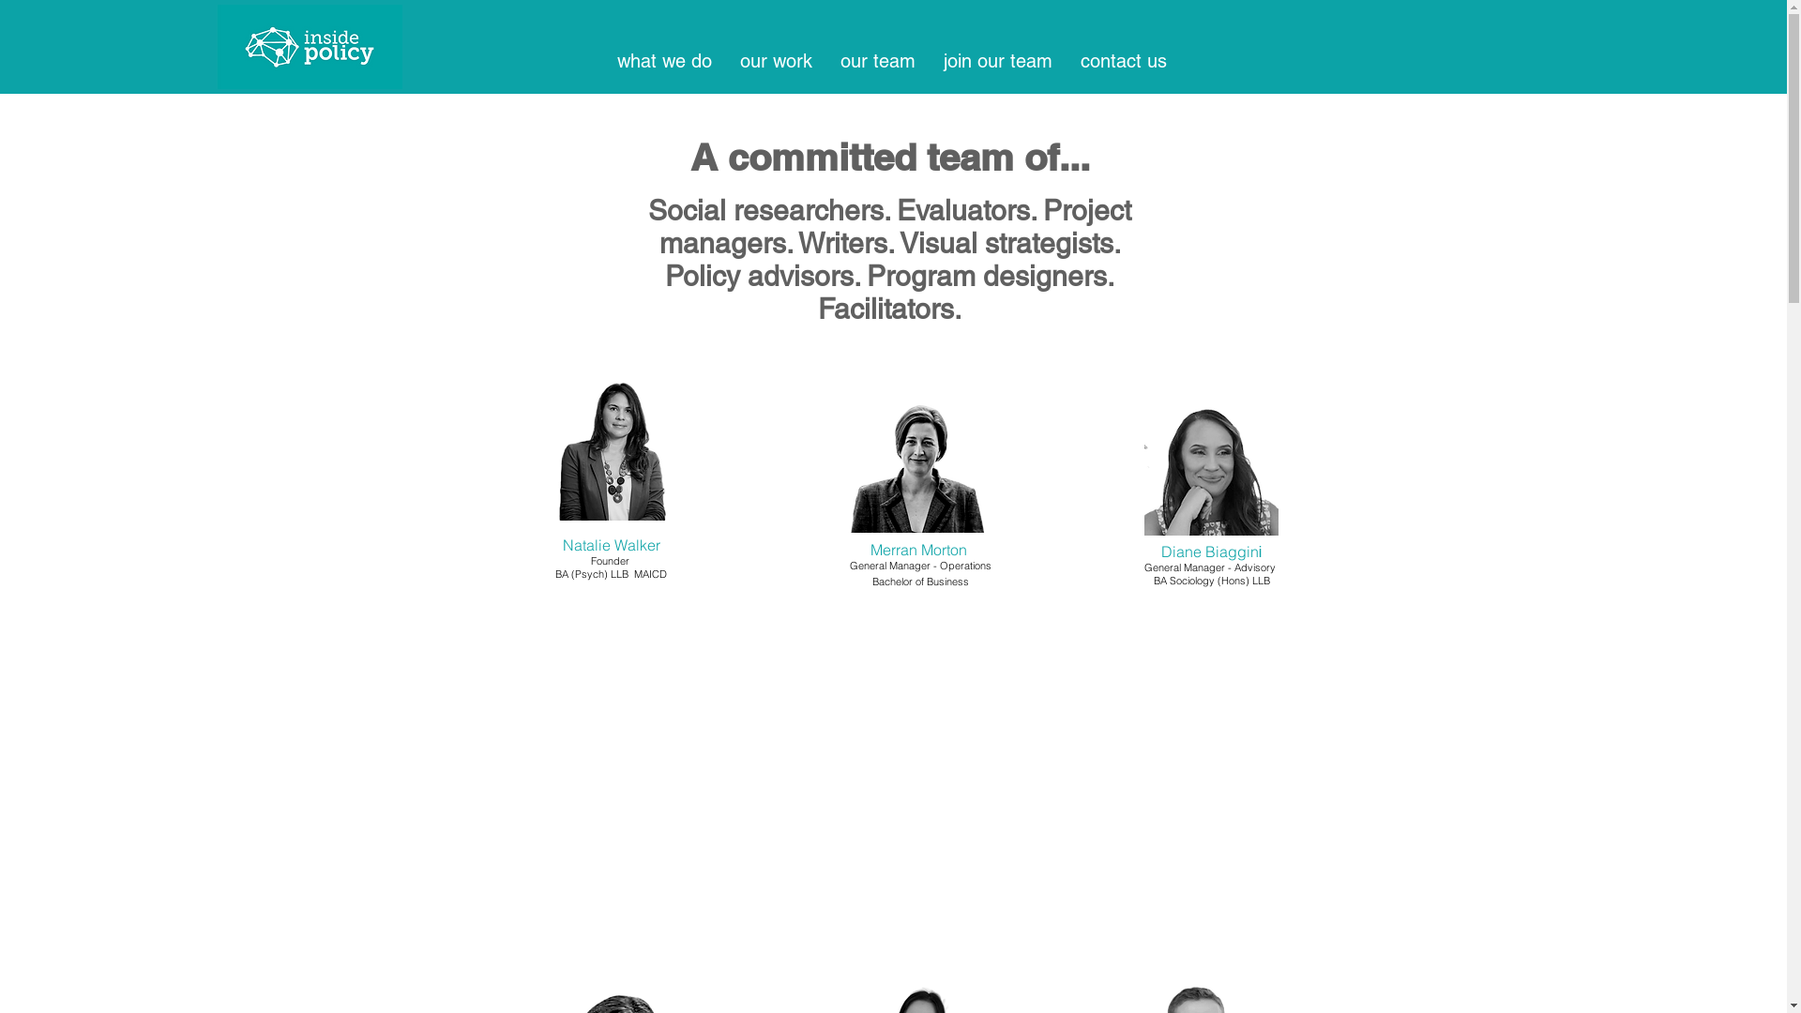  I want to click on 'what we do', so click(663, 60).